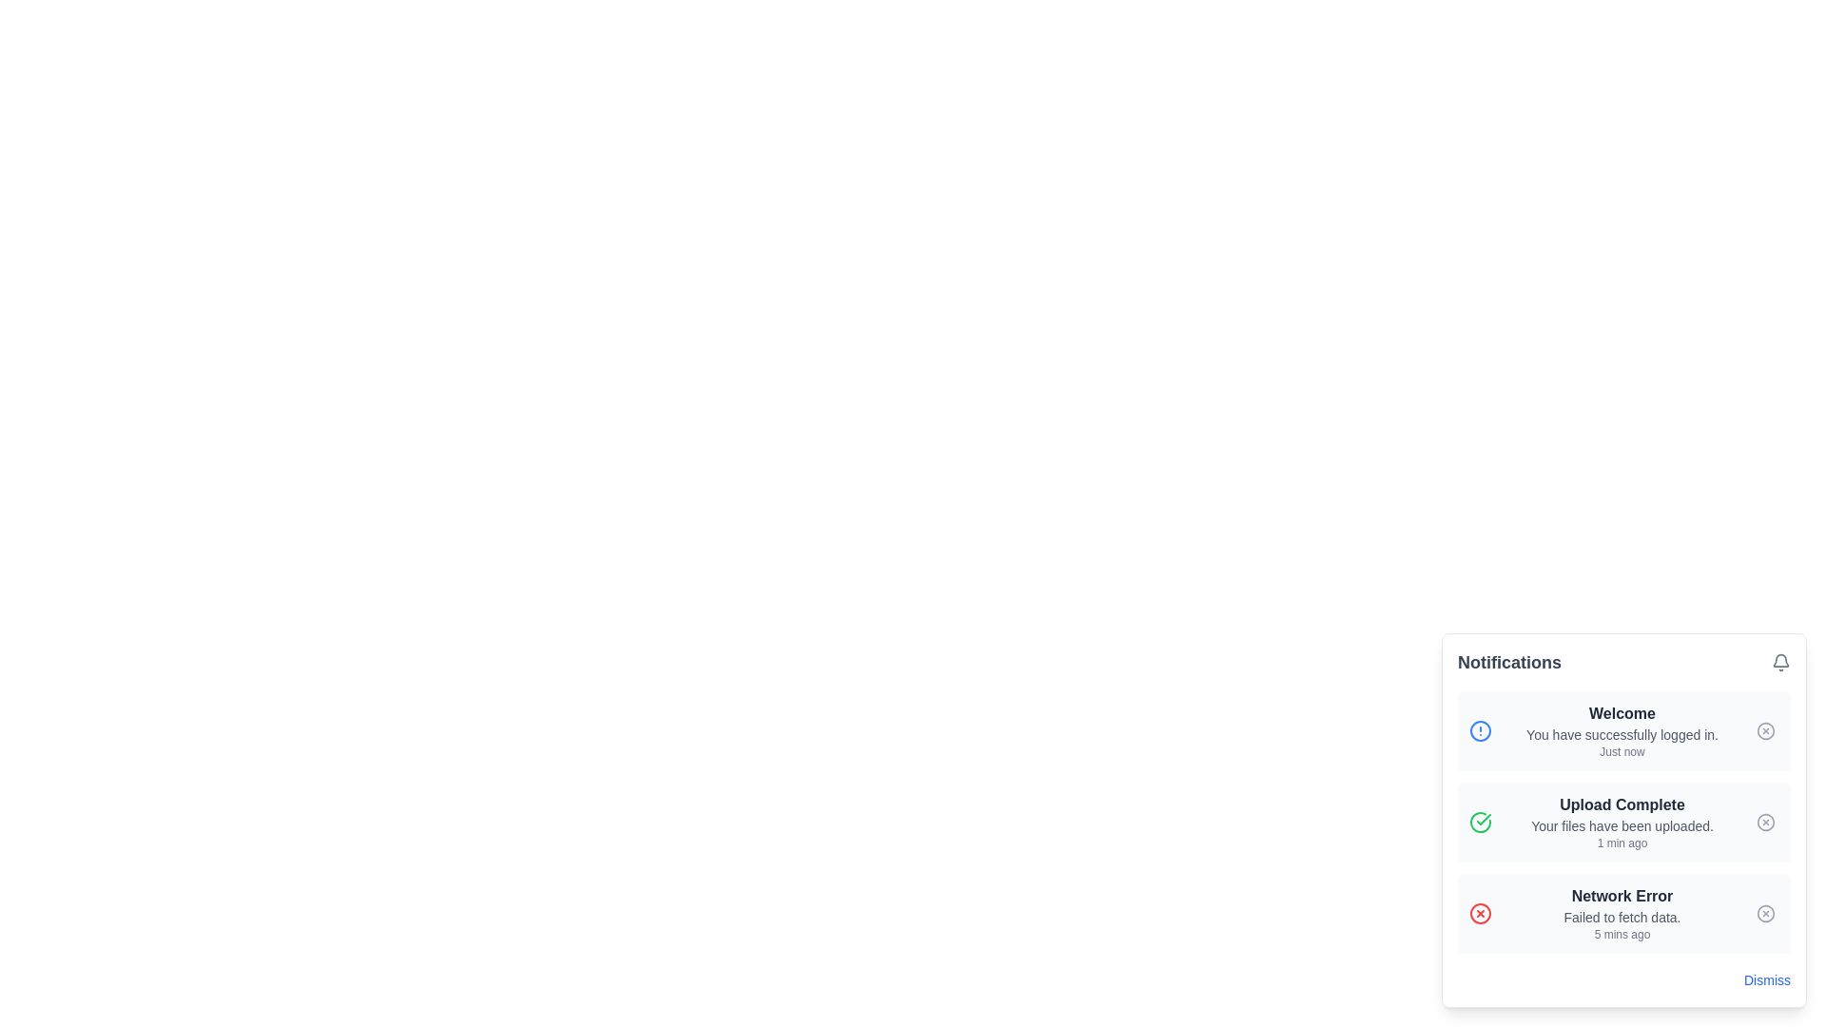 The image size is (1826, 1027). Describe the element at coordinates (1621, 916) in the screenshot. I see `the text label that displays 'Failed to fetch data.' in a small, gray font, located within the notification card under the title 'Network Error'` at that location.